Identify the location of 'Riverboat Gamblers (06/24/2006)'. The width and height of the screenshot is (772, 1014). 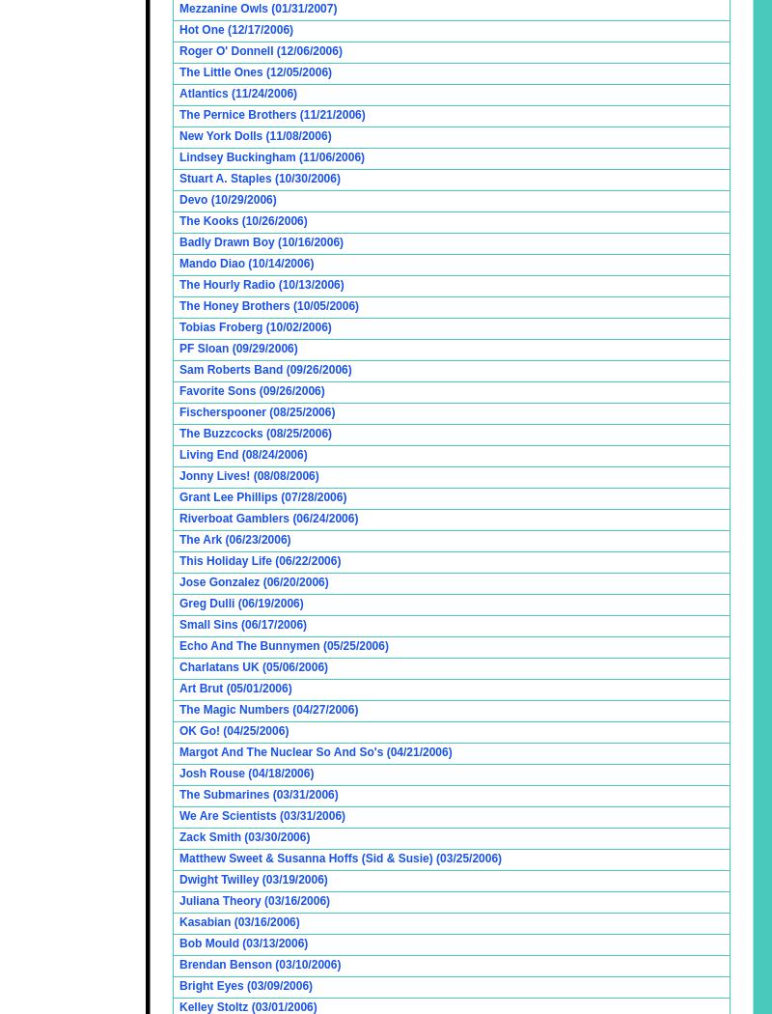
(179, 518).